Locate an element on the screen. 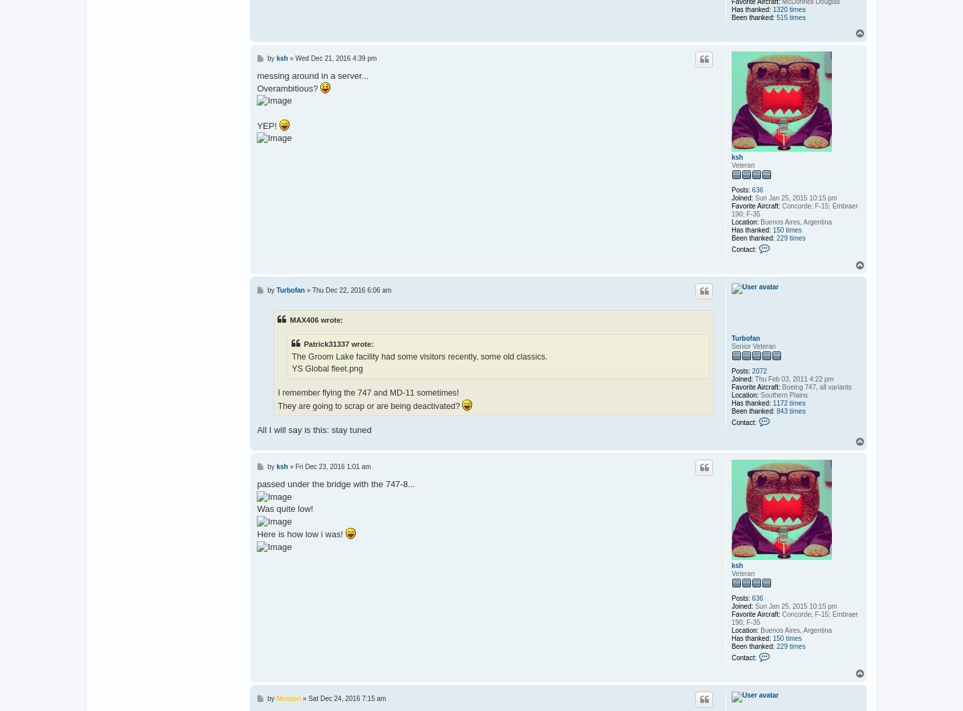  'All I will say is this: stay tuned' is located at coordinates (314, 430).